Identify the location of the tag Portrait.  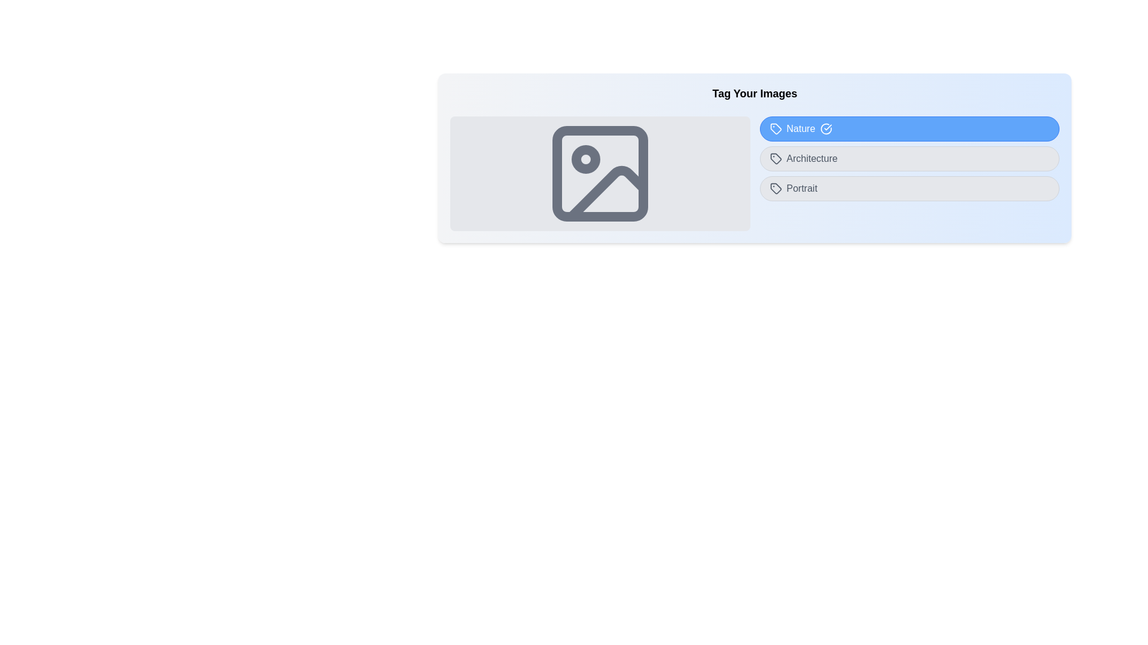
(909, 188).